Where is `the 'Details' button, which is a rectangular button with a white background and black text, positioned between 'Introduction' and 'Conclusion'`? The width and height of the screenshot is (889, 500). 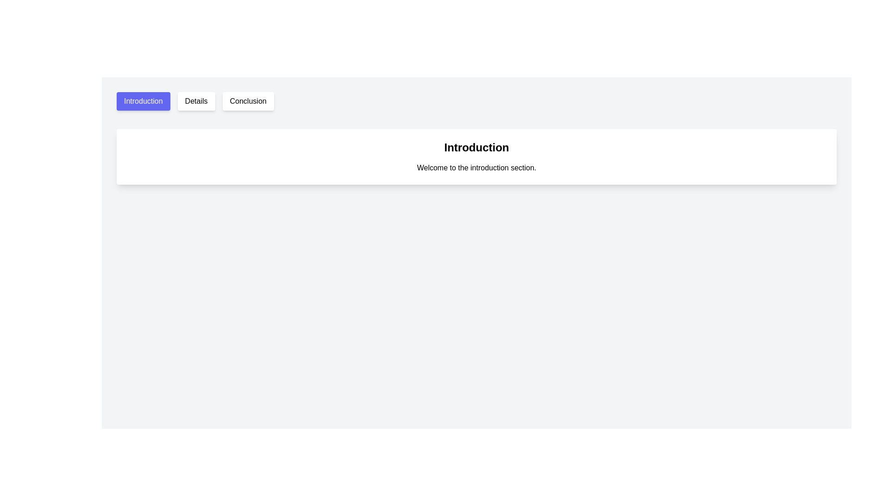 the 'Details' button, which is a rectangular button with a white background and black text, positioned between 'Introduction' and 'Conclusion' is located at coordinates (196, 101).